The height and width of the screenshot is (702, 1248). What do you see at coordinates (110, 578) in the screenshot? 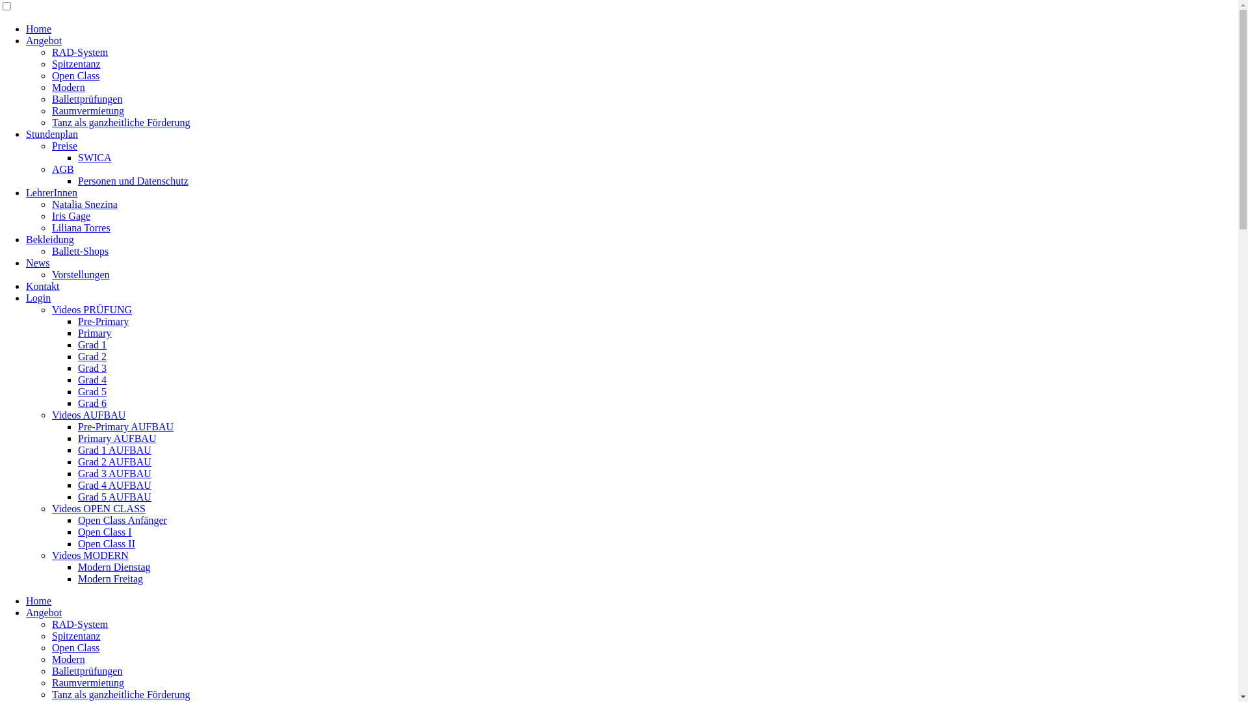
I see `'Modern Freitag'` at bounding box center [110, 578].